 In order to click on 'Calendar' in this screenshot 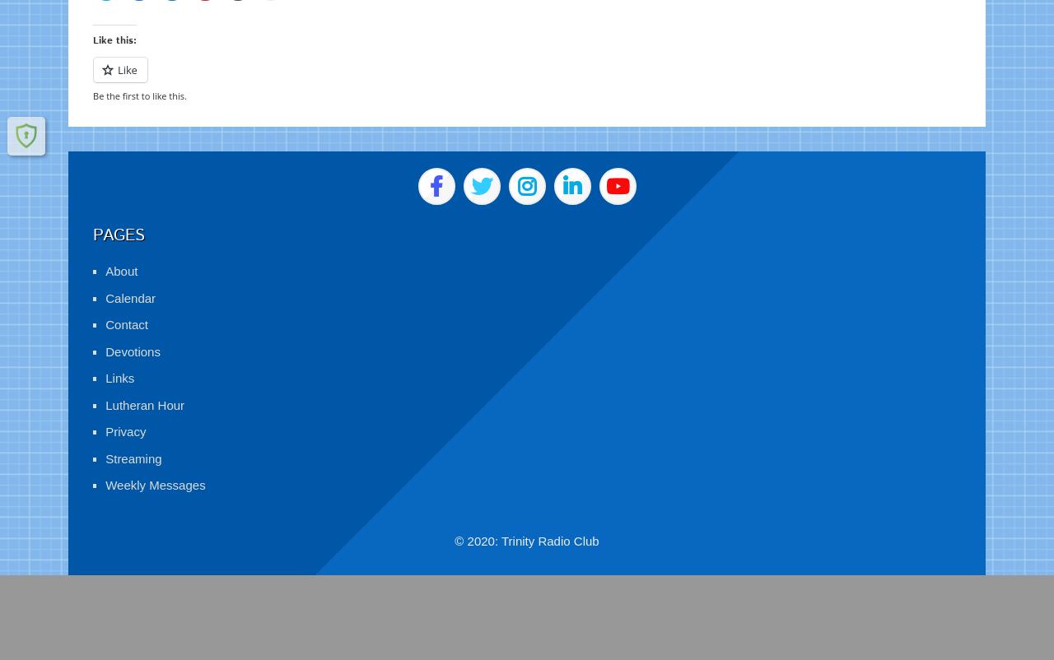, I will do `click(129, 279)`.